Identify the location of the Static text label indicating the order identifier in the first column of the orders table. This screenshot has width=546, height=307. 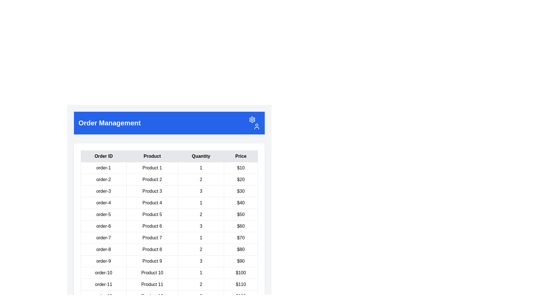
(104, 191).